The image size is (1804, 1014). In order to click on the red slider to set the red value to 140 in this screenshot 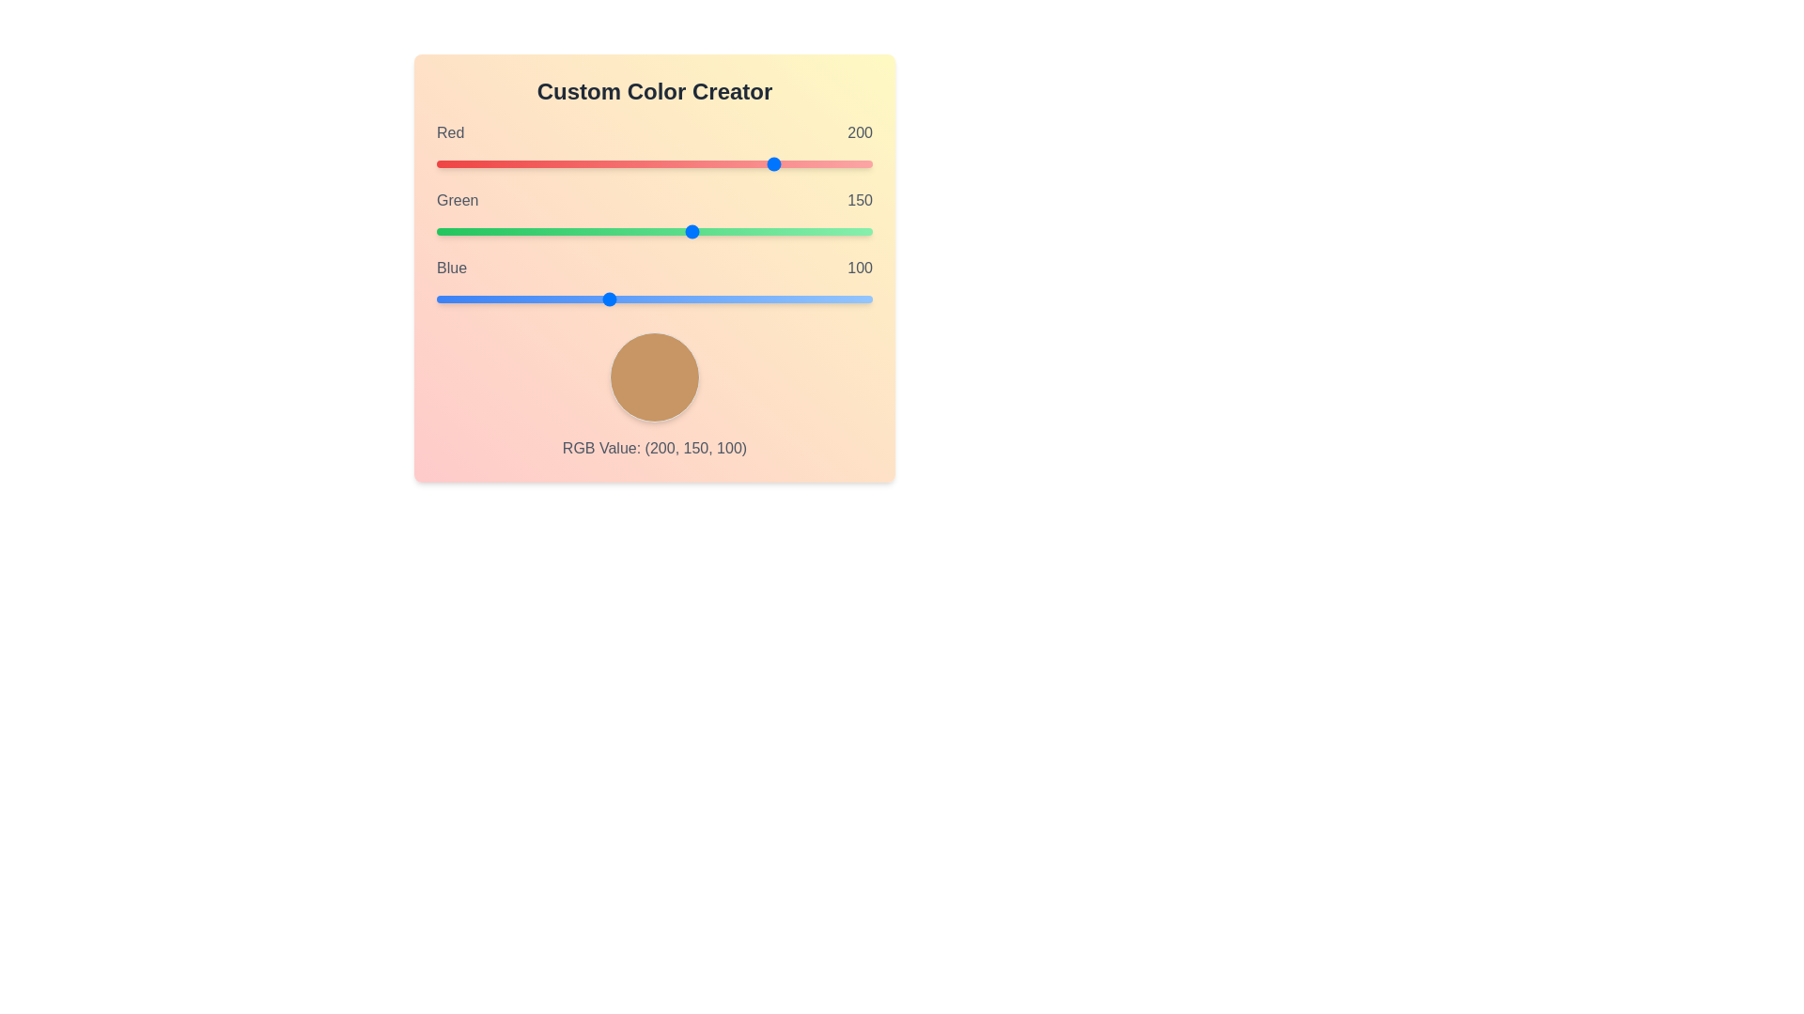, I will do `click(676, 162)`.